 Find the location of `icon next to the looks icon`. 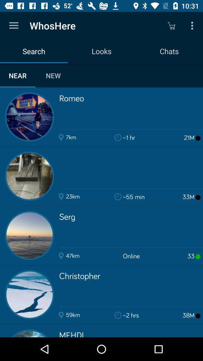

icon next to the looks icon is located at coordinates (171, 26).